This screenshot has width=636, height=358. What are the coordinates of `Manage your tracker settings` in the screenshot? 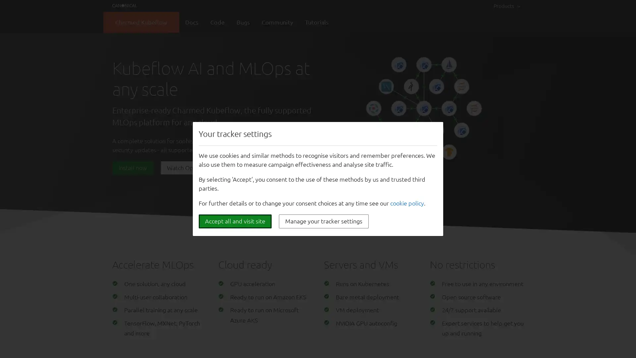 It's located at (324, 221).